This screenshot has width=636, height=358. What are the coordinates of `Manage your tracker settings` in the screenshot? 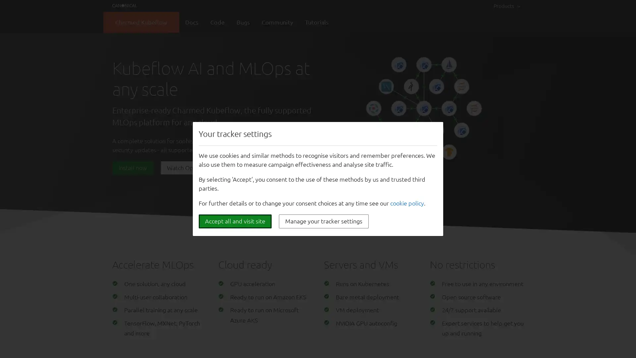 It's located at (324, 221).